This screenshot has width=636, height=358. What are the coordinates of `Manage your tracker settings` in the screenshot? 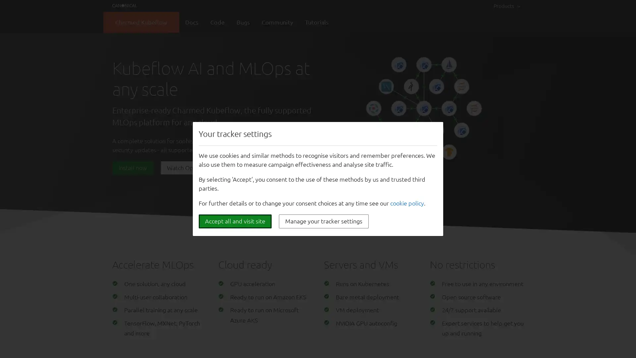 It's located at (324, 221).